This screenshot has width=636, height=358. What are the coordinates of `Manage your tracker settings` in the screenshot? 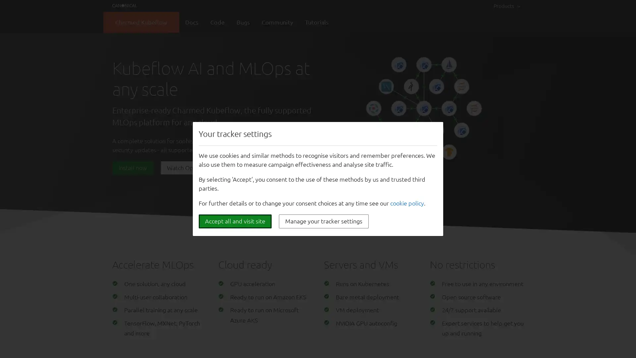 It's located at (324, 221).